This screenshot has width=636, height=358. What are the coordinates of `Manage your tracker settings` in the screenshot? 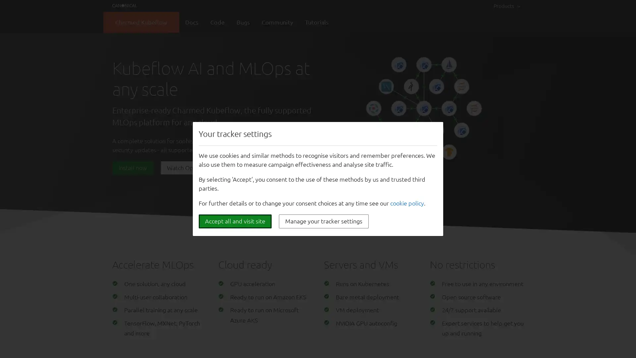 It's located at (324, 221).